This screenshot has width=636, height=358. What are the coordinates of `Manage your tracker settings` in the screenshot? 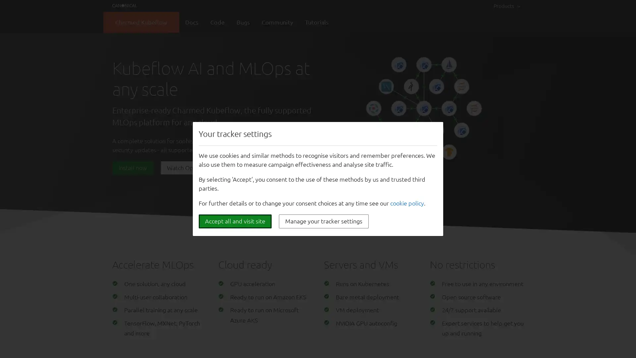 It's located at (324, 221).